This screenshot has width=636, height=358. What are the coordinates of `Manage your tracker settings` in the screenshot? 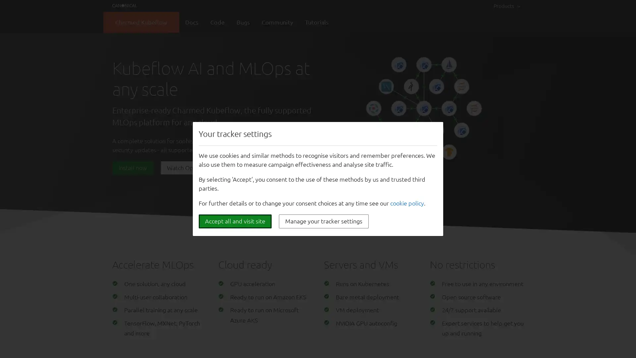 It's located at (324, 221).